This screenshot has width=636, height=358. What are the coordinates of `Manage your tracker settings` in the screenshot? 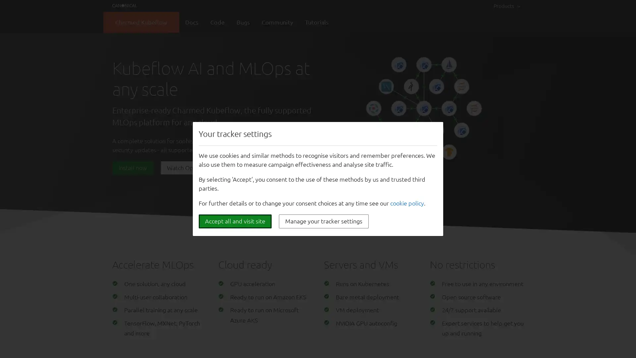 It's located at (324, 221).